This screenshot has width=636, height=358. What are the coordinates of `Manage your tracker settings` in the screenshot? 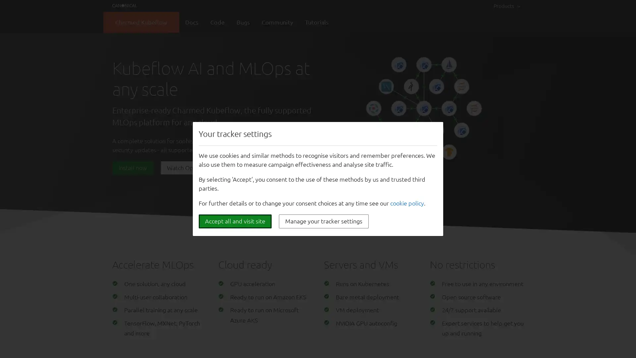 It's located at (324, 221).